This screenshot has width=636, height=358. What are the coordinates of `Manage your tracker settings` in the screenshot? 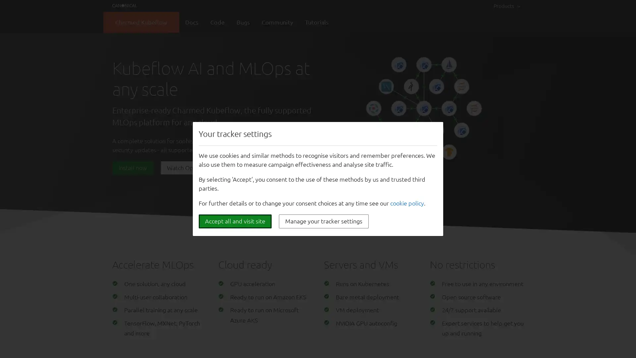 It's located at (324, 221).